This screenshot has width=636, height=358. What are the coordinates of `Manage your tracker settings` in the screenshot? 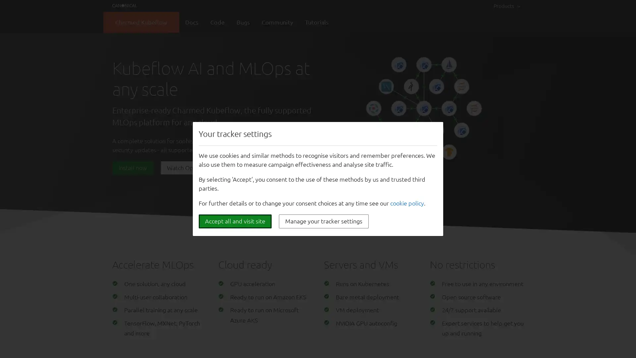 It's located at (324, 221).